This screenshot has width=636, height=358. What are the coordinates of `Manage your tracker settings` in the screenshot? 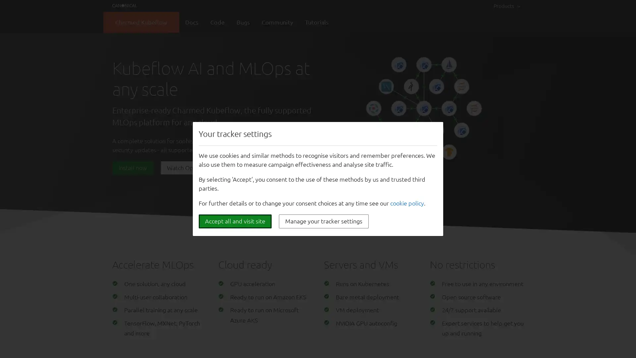 It's located at (324, 221).